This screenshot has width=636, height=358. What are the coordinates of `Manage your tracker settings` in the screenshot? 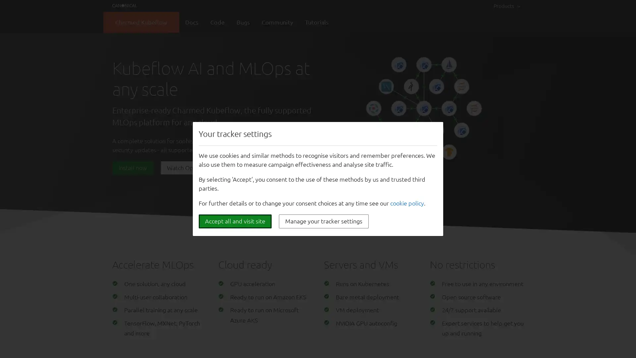 It's located at (324, 221).